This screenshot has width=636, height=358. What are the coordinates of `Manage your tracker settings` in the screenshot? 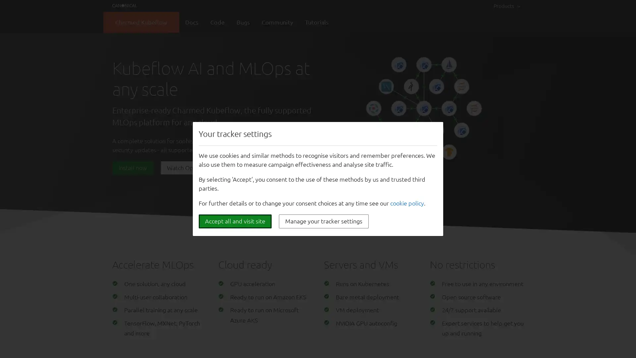 It's located at (324, 221).